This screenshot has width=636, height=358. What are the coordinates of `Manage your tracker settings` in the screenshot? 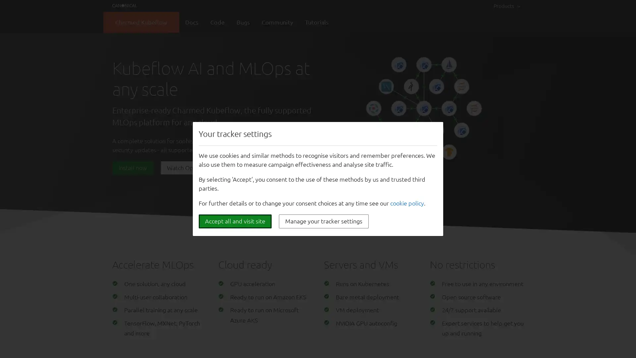 It's located at (324, 221).